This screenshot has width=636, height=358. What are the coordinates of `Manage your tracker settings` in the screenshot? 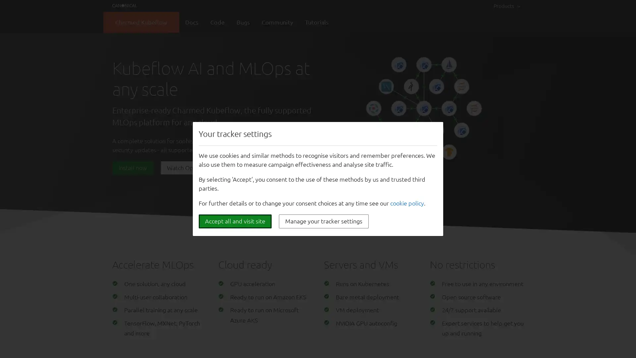 It's located at (324, 221).